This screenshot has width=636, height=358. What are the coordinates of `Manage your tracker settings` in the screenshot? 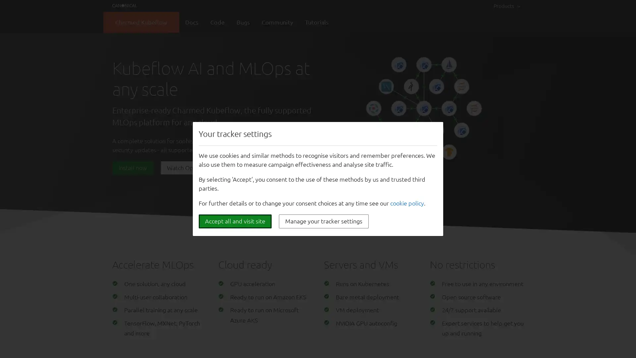 It's located at (324, 221).